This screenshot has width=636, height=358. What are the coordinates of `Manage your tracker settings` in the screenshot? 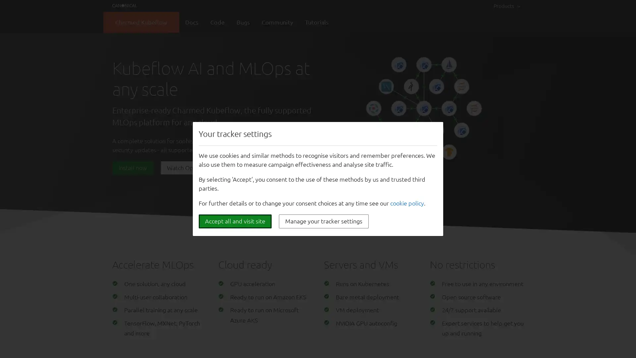 It's located at (324, 221).